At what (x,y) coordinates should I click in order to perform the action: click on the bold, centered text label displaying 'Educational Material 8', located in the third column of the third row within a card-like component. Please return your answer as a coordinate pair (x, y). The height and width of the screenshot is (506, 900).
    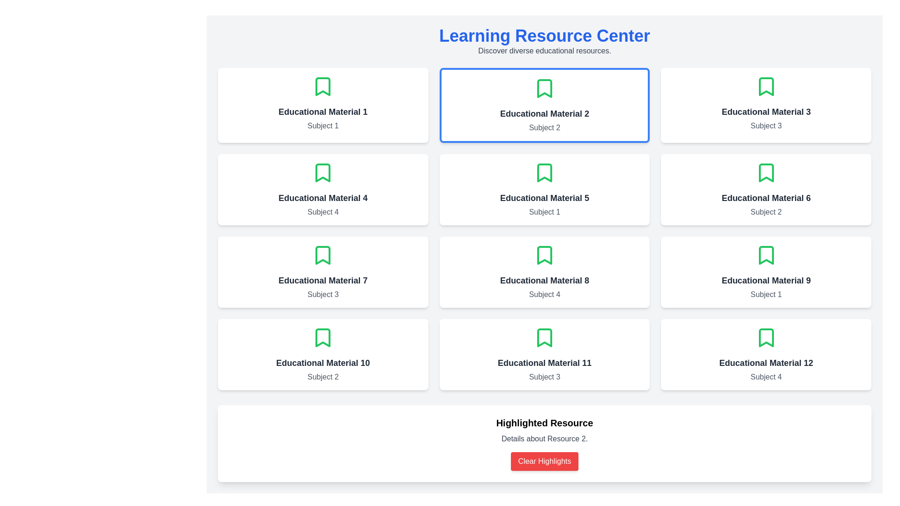
    Looking at the image, I should click on (544, 280).